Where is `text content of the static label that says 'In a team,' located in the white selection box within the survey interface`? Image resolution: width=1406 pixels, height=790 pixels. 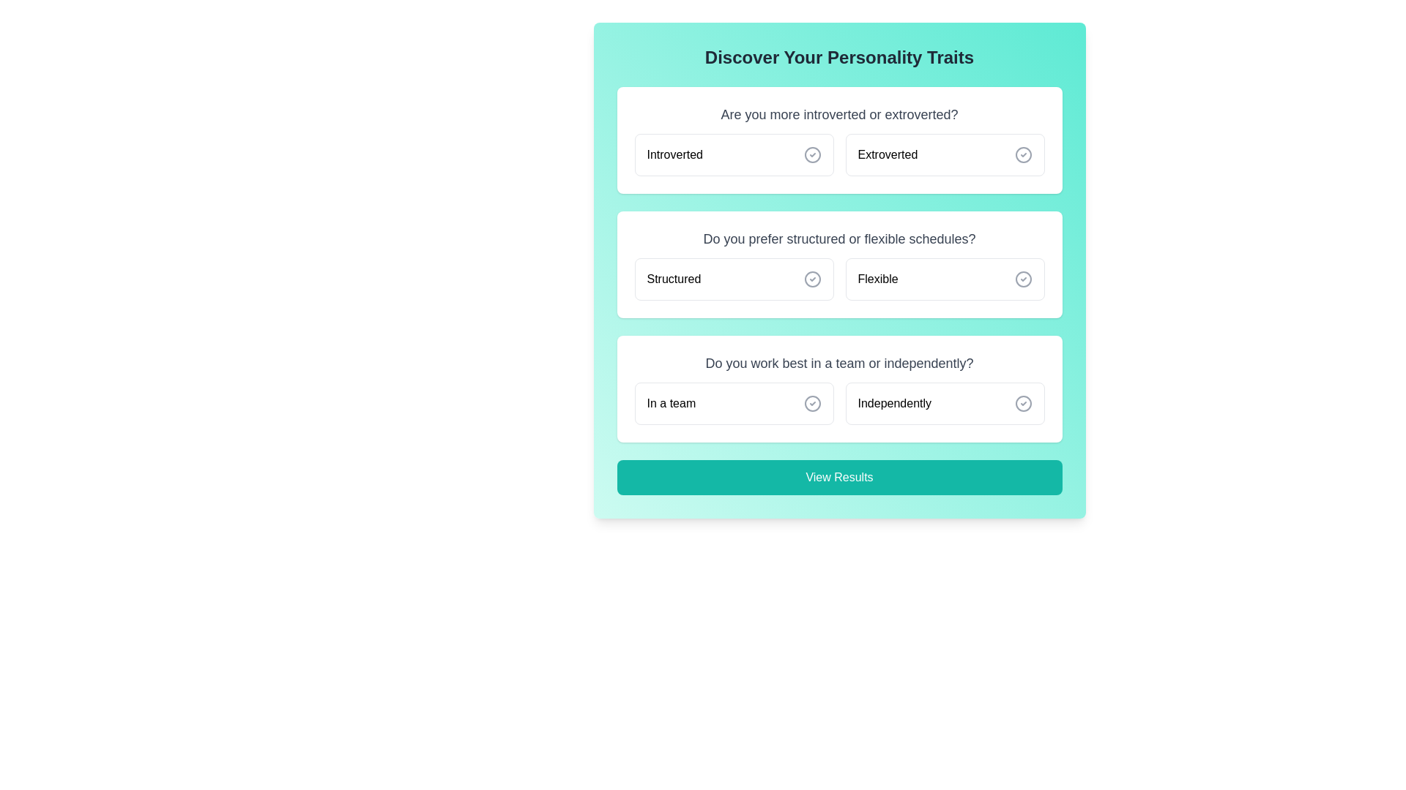
text content of the static label that says 'In a team,' located in the white selection box within the survey interface is located at coordinates (670, 403).